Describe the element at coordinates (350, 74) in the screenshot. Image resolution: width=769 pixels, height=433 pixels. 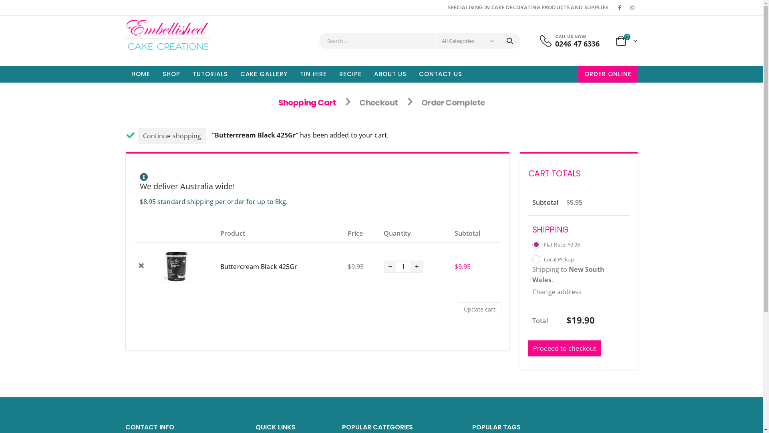
I see `'RECIPE'` at that location.